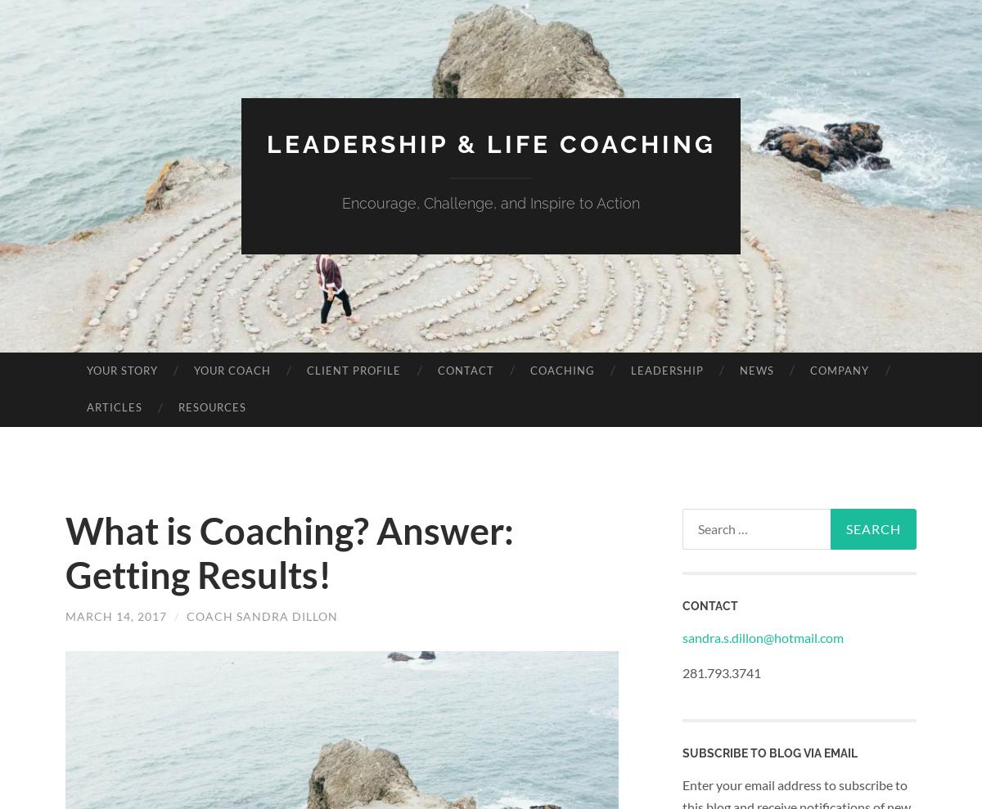 The width and height of the screenshot is (982, 809). What do you see at coordinates (721, 671) in the screenshot?
I see `'281.793.3741'` at bounding box center [721, 671].